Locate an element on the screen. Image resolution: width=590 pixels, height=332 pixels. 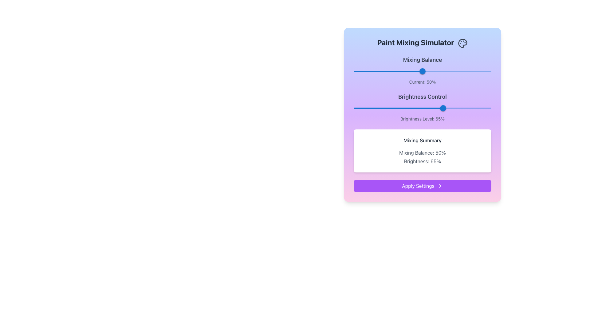
Mixing Balance is located at coordinates (430, 71).